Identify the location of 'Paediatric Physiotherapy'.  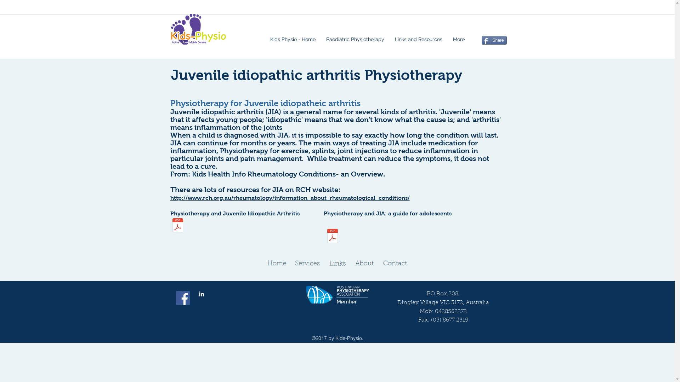
(321, 39).